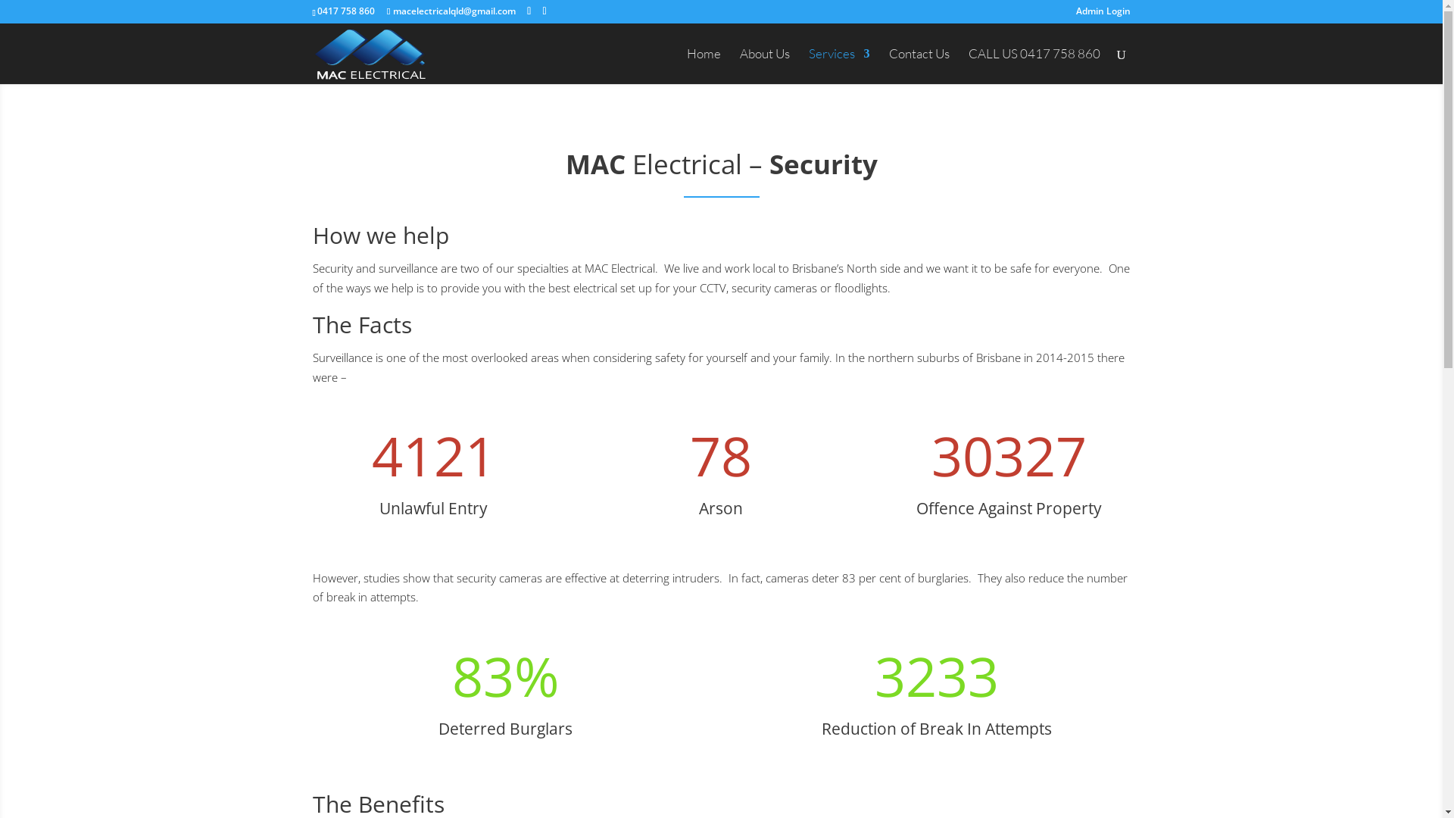 The height and width of the screenshot is (818, 1454). What do you see at coordinates (345, 11) in the screenshot?
I see `'0417 758 860'` at bounding box center [345, 11].